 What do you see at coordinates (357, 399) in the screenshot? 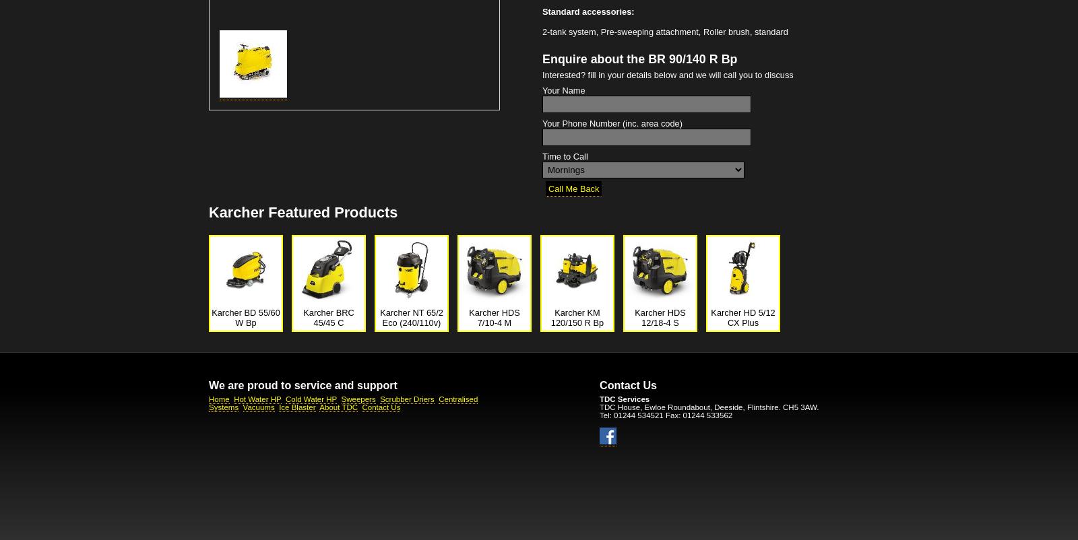
I see `'Sweepers'` at bounding box center [357, 399].